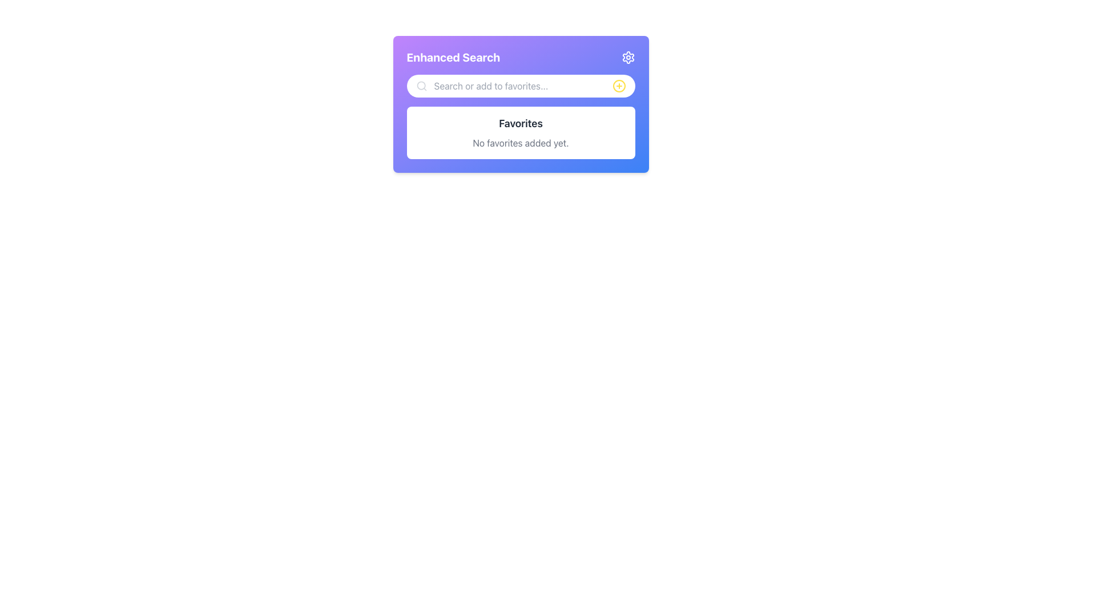 This screenshot has width=1096, height=616. I want to click on the magnifying glass icon located on the left side of the text input field labeled 'Search or add to favorites...', so click(520, 85).